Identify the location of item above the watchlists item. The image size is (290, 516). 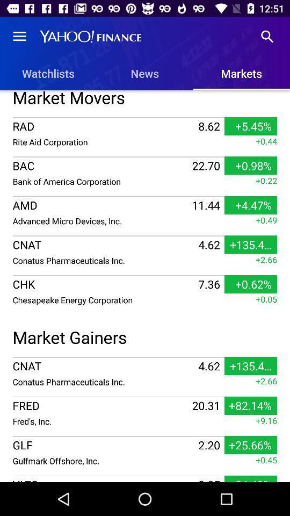
(19, 37).